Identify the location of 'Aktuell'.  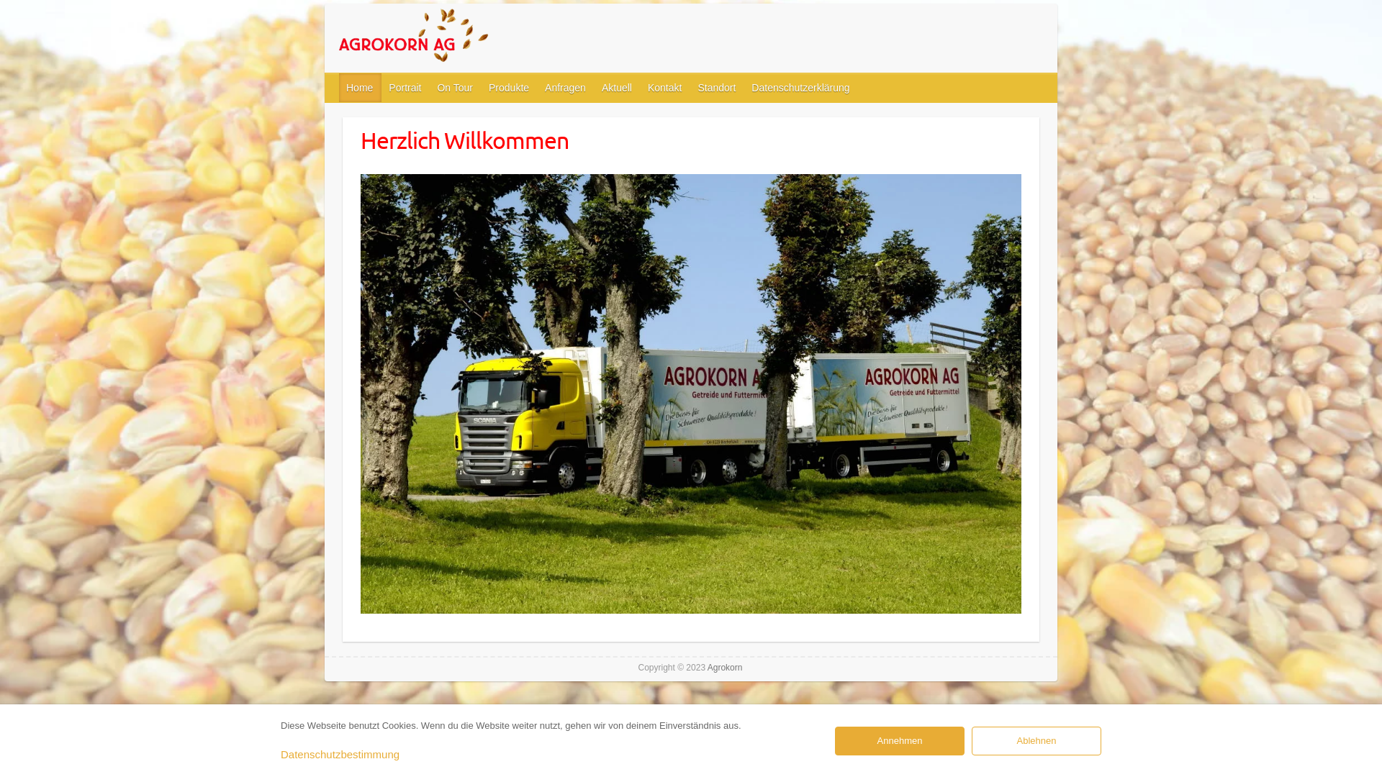
(618, 88).